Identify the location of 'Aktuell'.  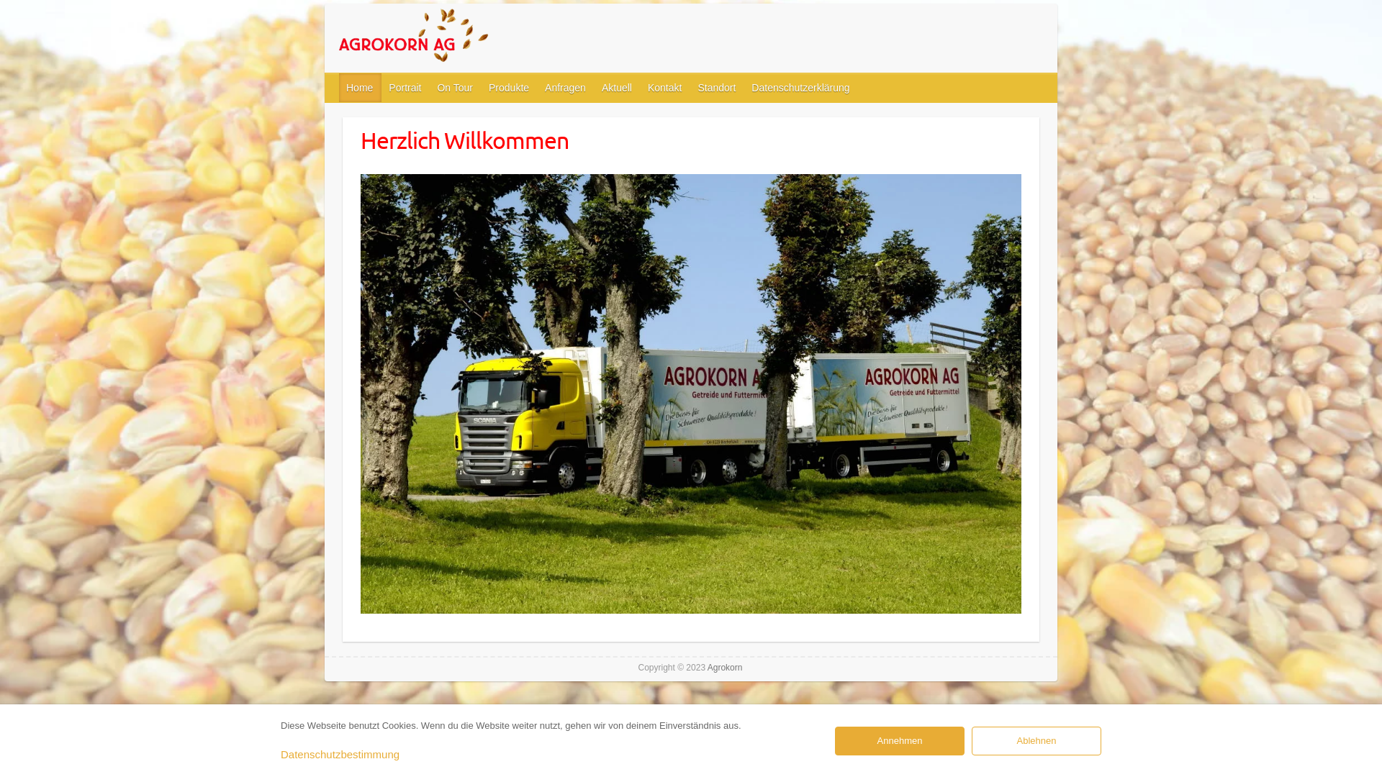
(618, 88).